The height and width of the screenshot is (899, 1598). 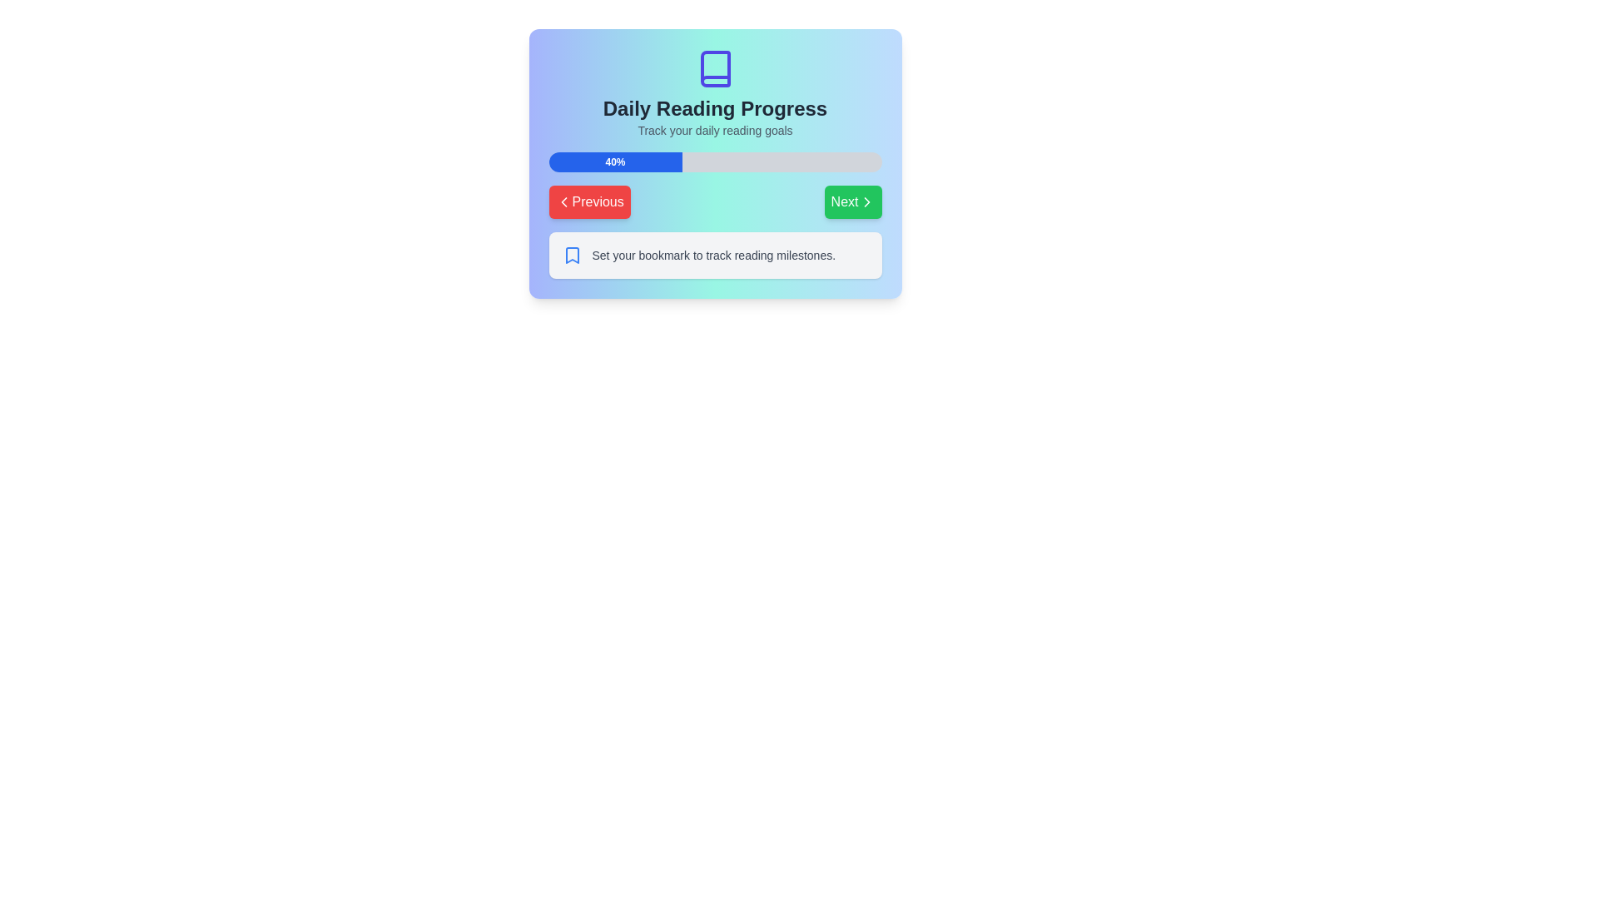 What do you see at coordinates (715, 93) in the screenshot?
I see `the informational block displaying 'Daily Reading Progress', which includes a book icon and a subheading about tracking daily reading goals` at bounding box center [715, 93].